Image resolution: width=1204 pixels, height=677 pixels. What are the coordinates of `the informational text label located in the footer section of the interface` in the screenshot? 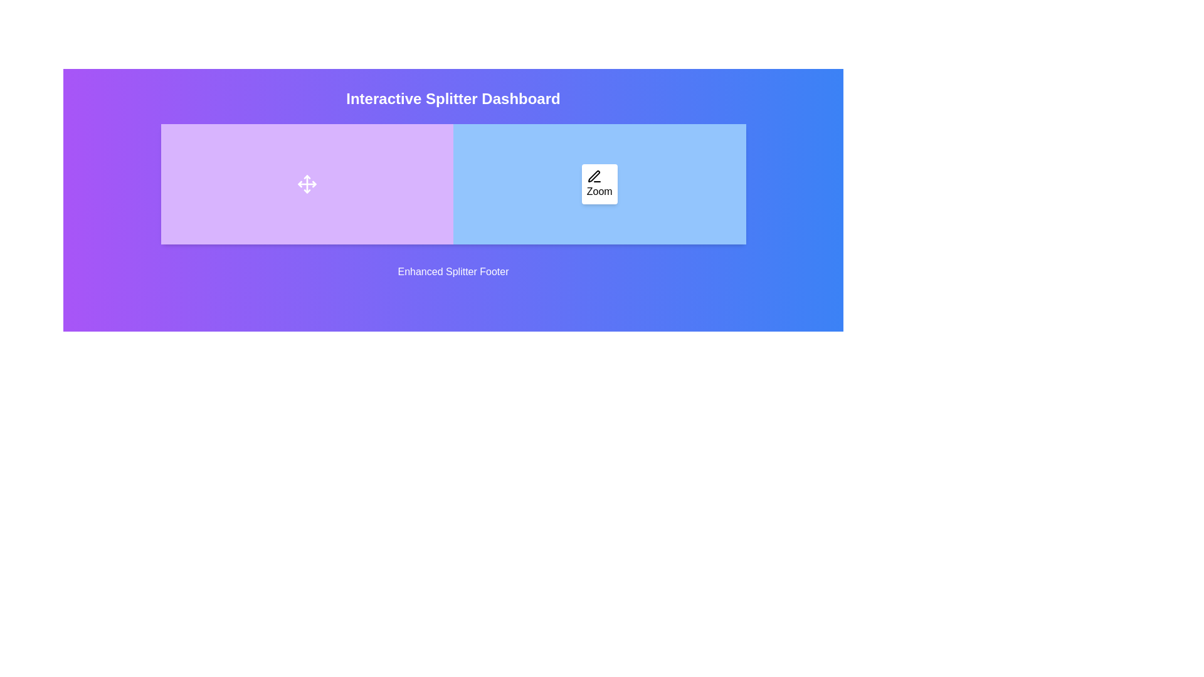 It's located at (453, 271).